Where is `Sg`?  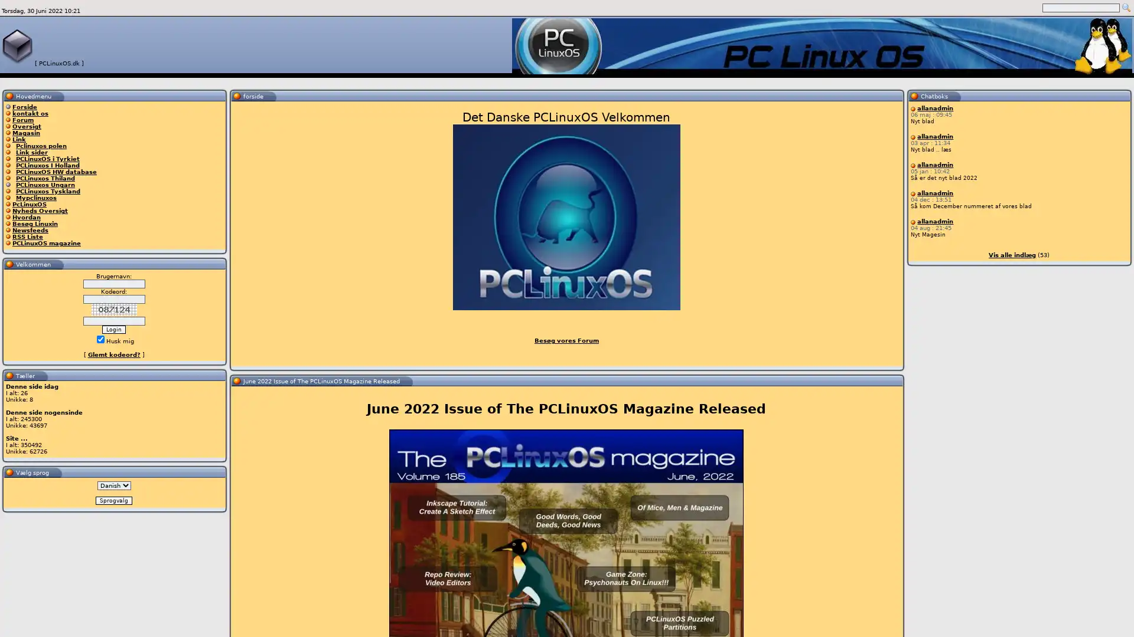
Sg is located at coordinates (1126, 8).